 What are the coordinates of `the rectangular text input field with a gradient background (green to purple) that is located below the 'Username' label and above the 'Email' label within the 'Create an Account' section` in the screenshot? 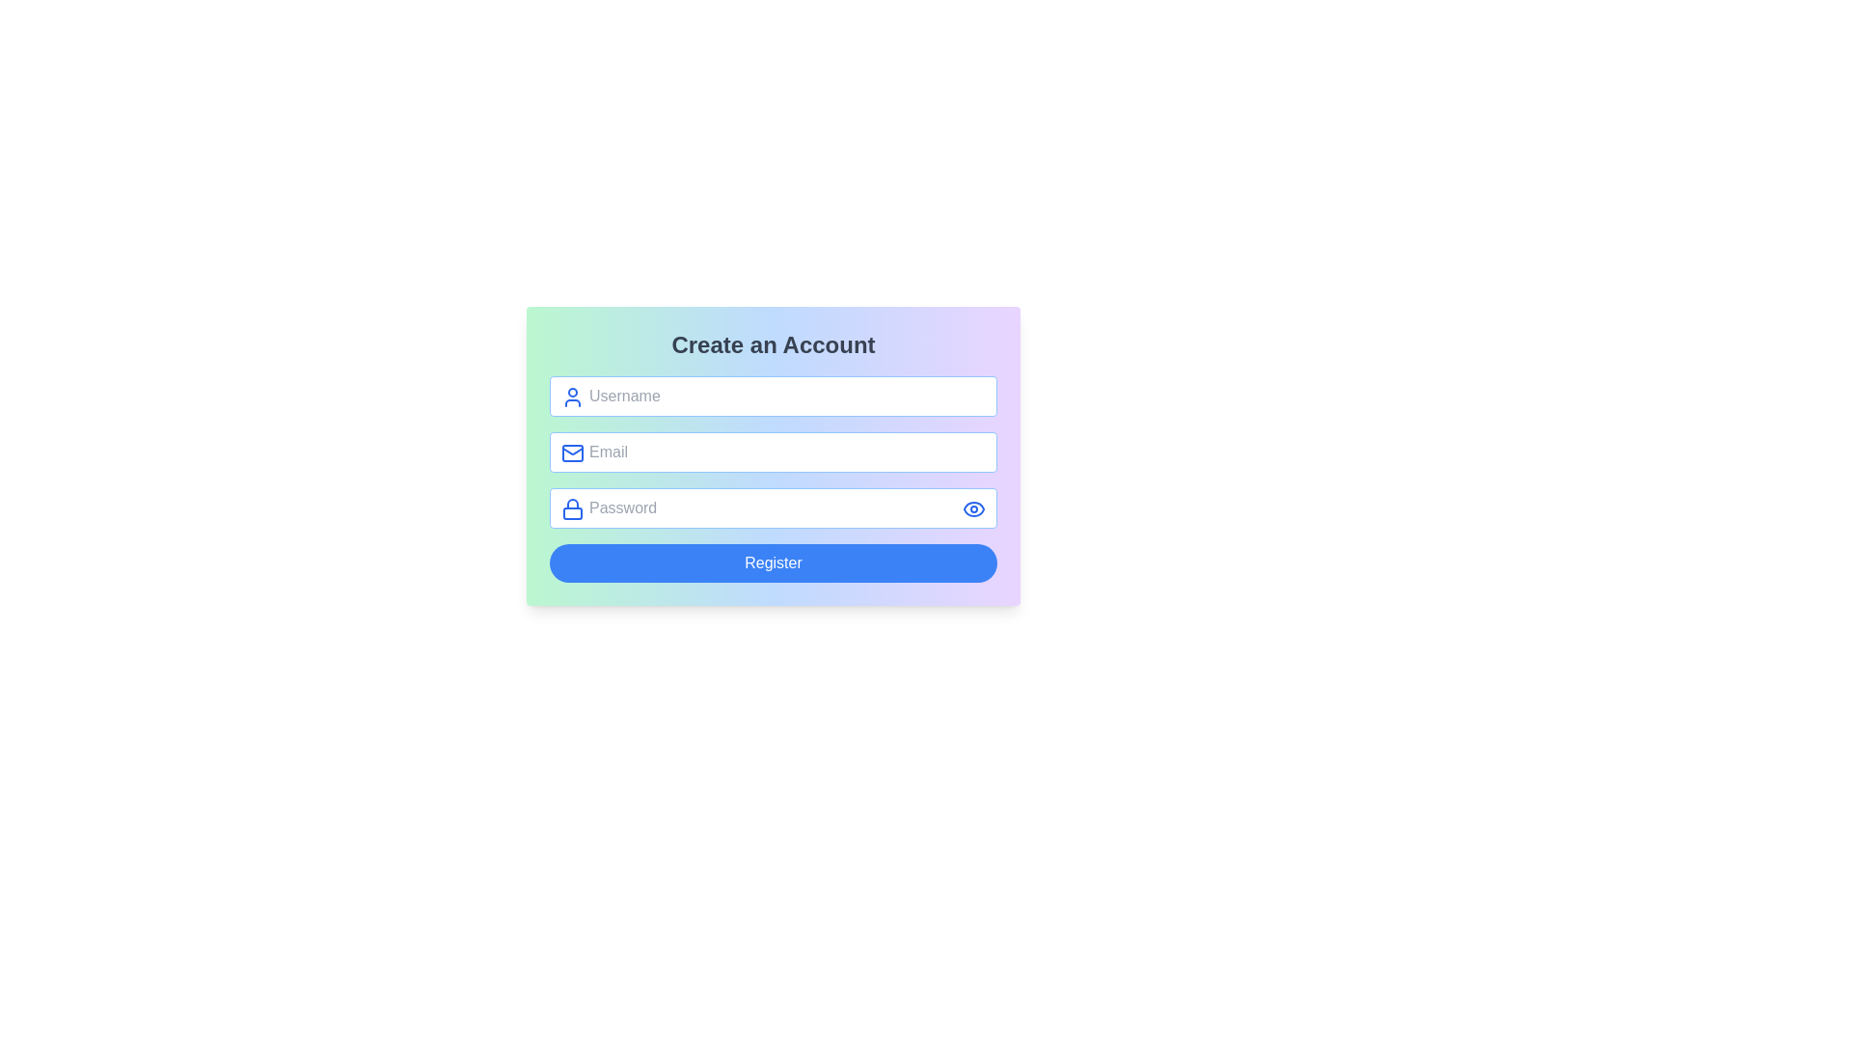 It's located at (773, 479).